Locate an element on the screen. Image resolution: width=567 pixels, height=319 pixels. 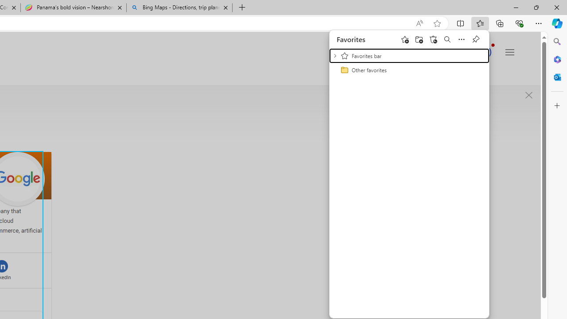
'Restore deleted favorites' is located at coordinates (433, 39).